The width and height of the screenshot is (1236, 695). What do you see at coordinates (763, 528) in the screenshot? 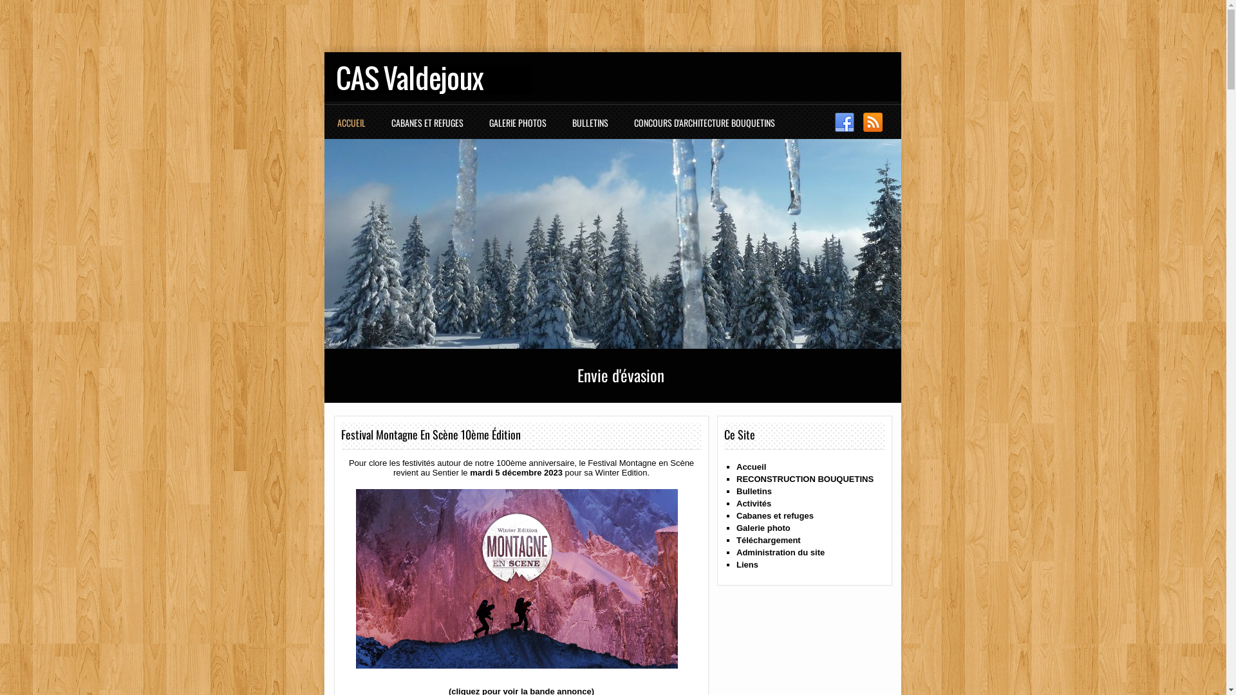
I see `'Galerie photo'` at bounding box center [763, 528].